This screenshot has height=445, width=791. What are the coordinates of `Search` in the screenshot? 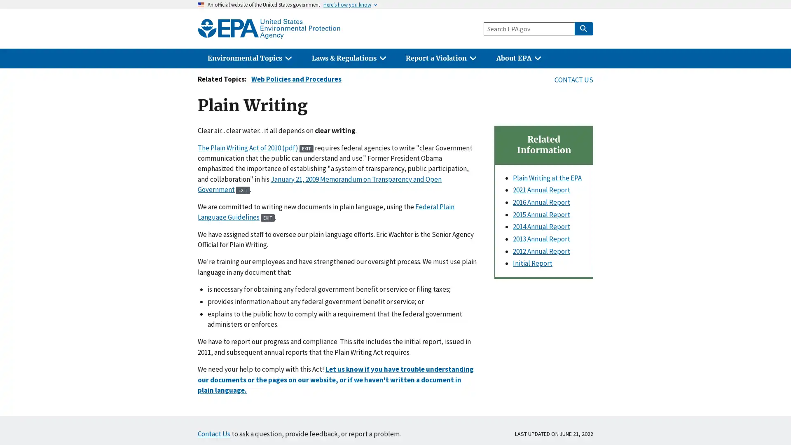 It's located at (583, 28).